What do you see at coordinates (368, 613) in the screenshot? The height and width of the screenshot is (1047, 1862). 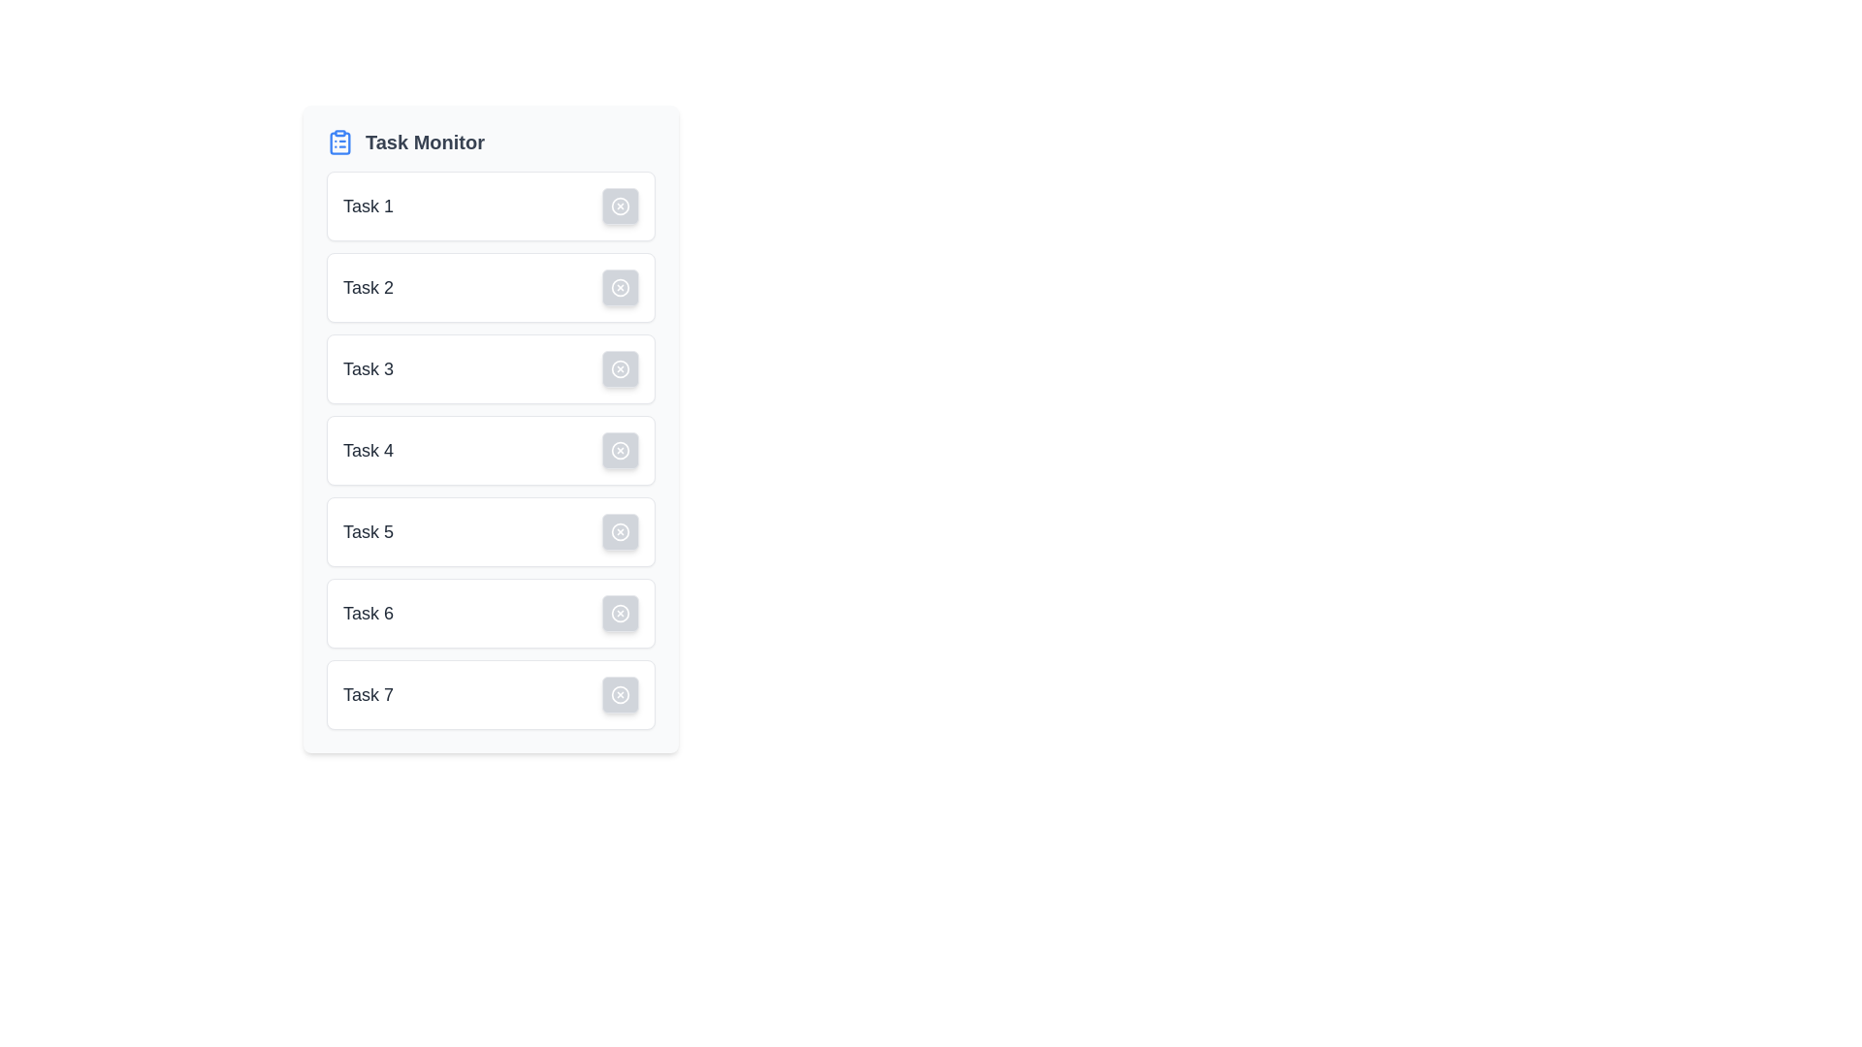 I see `text label 'Task 6' located in the sixth position of a vertical list of cards, which serves as an identifier for the associated task` at bounding box center [368, 613].